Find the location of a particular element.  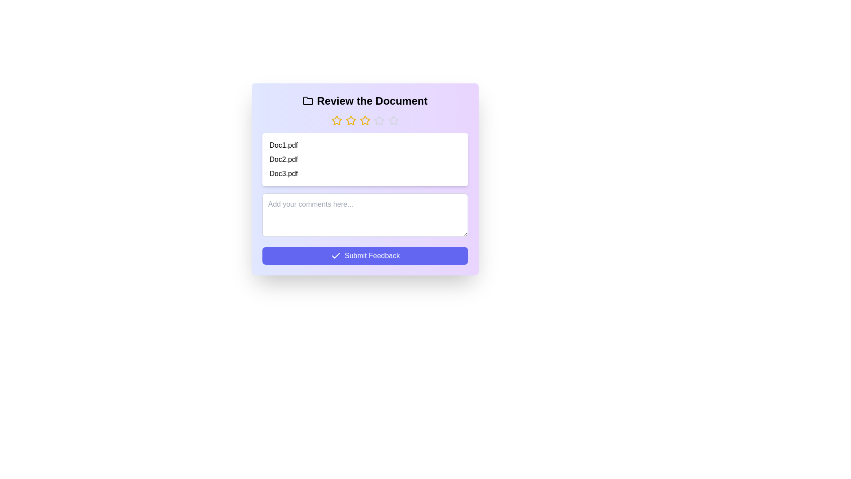

the rating to 5 stars by clicking on the corresponding star button is located at coordinates (393, 121).